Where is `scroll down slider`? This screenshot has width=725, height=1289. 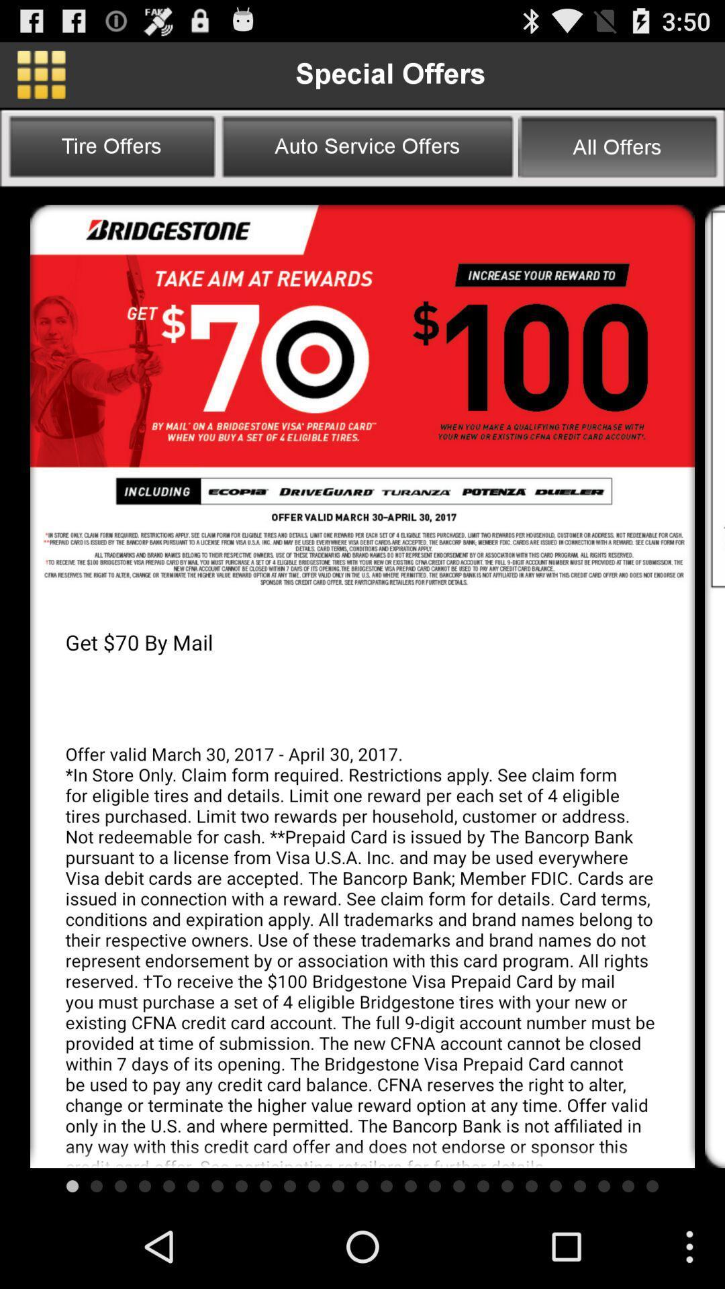 scroll down slider is located at coordinates (714, 398).